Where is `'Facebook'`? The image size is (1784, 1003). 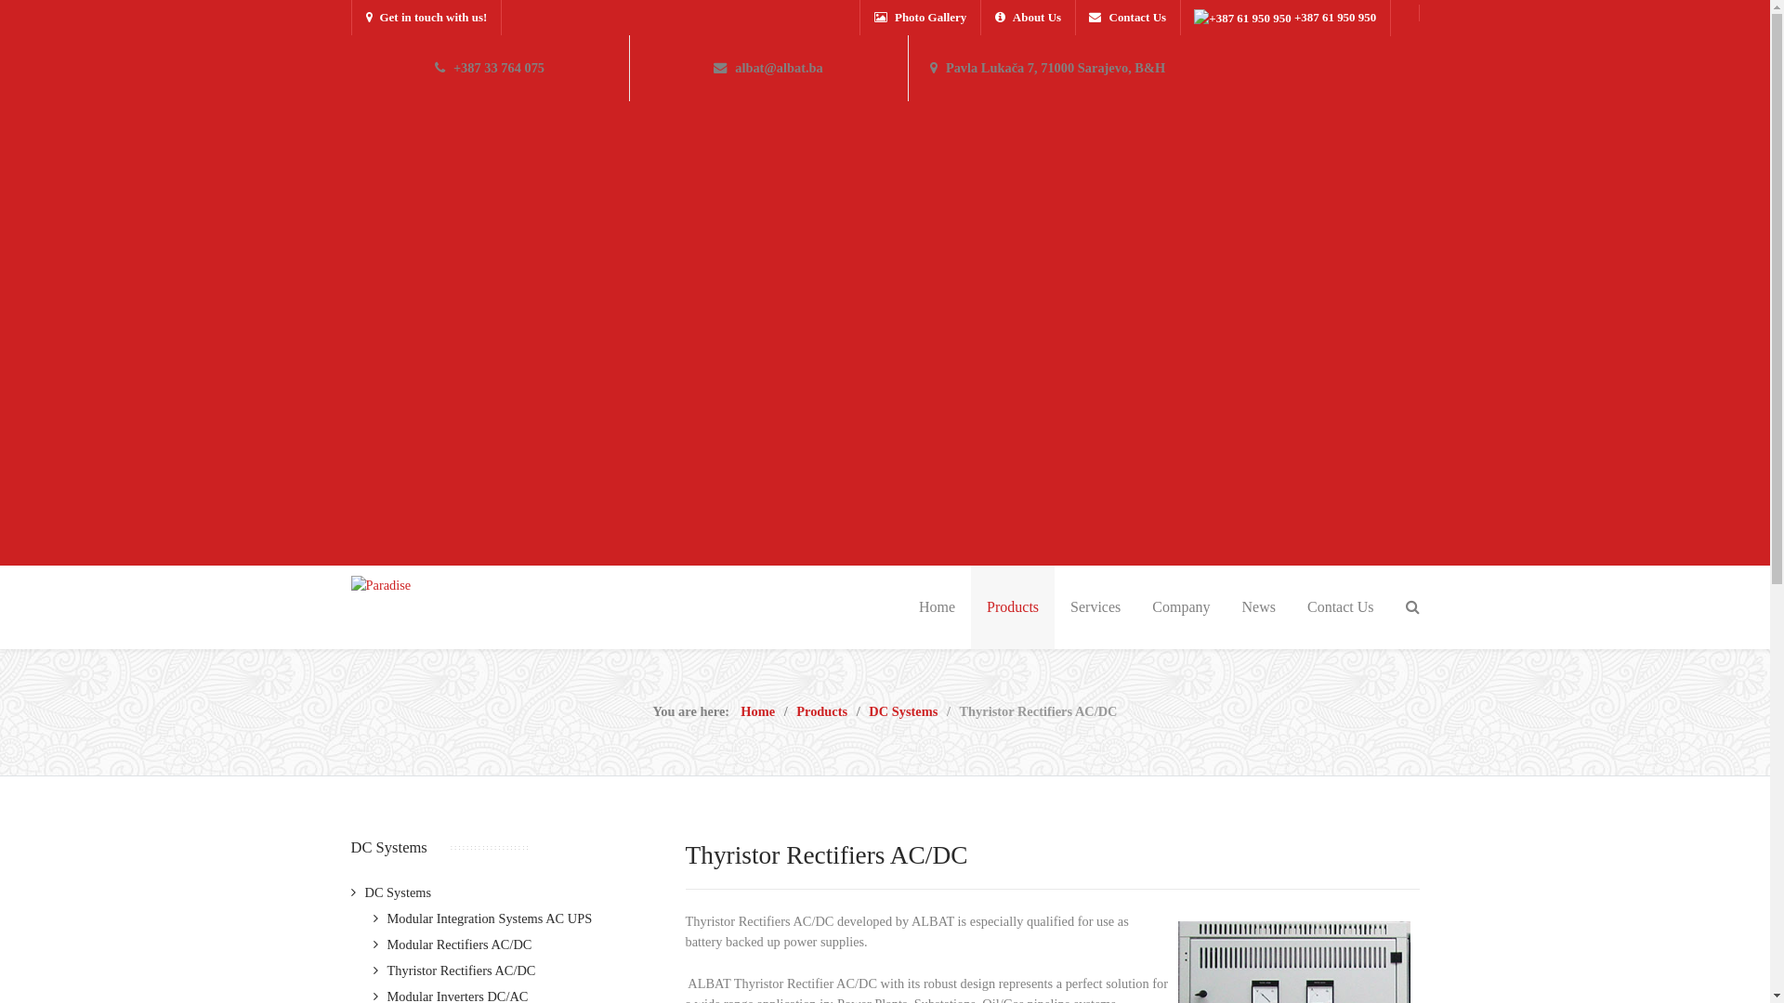
'Facebook' is located at coordinates (1320, 958).